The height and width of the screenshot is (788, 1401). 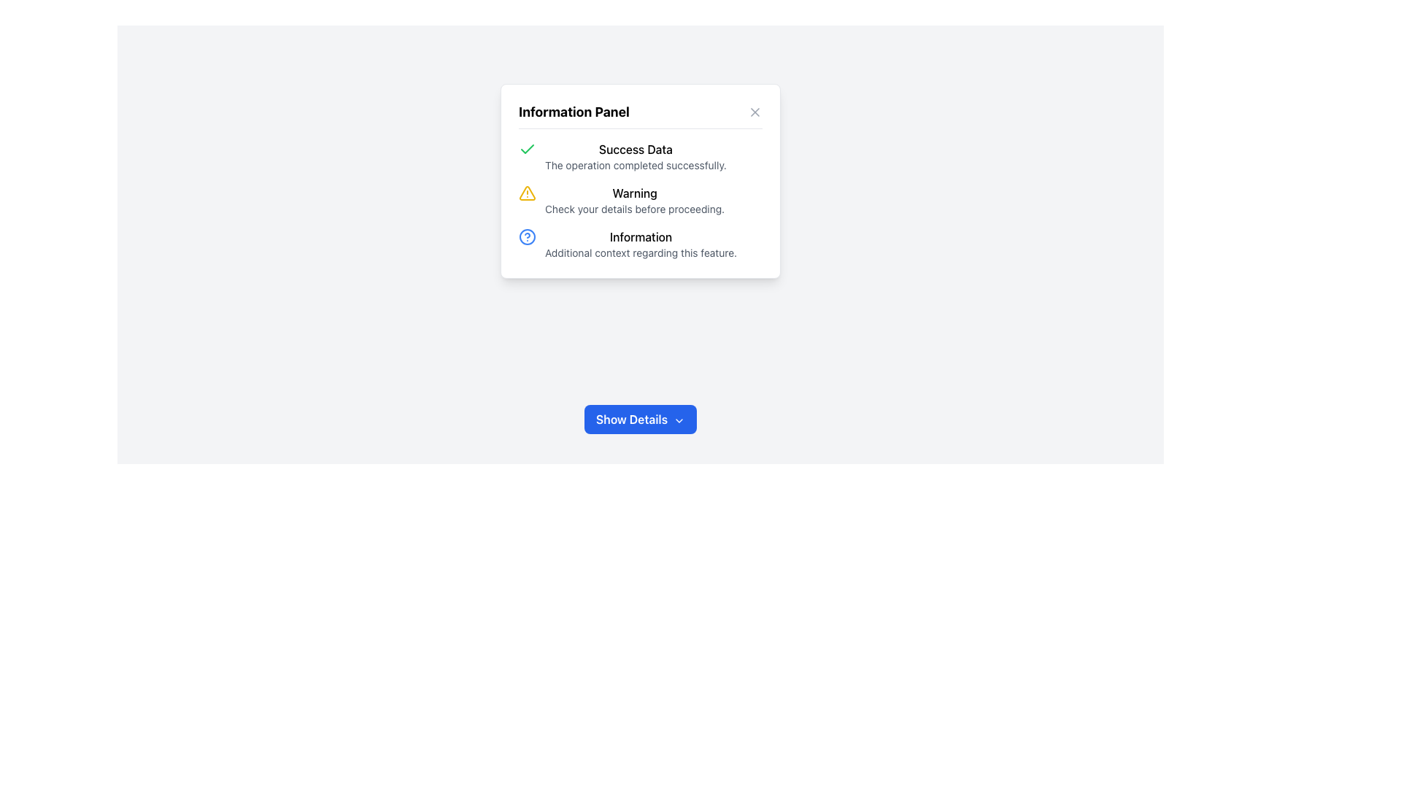 What do you see at coordinates (527, 236) in the screenshot?
I see `the informational icon located in the leftmost position of the third row in the information panel` at bounding box center [527, 236].